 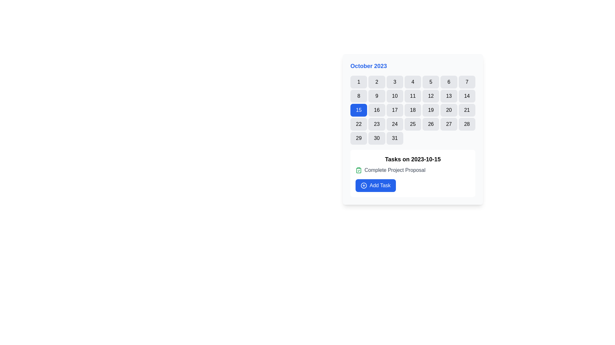 I want to click on the button displaying the number '5' in a calendar grid, so click(x=431, y=82).